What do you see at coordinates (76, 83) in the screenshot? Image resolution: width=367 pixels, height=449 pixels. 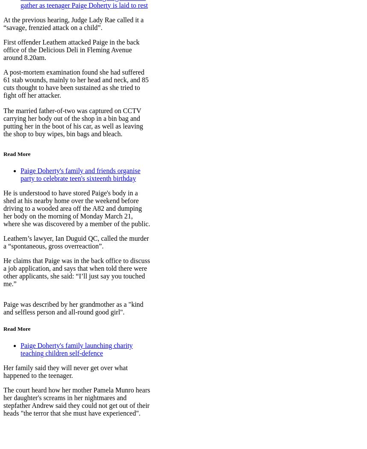 I see `'A post-mortem examination found she had suffered 61 stab wounds, mainly to her head and neck, and 85 cuts thought to have been sustained as she tried to fight off her attacker.'` at bounding box center [76, 83].